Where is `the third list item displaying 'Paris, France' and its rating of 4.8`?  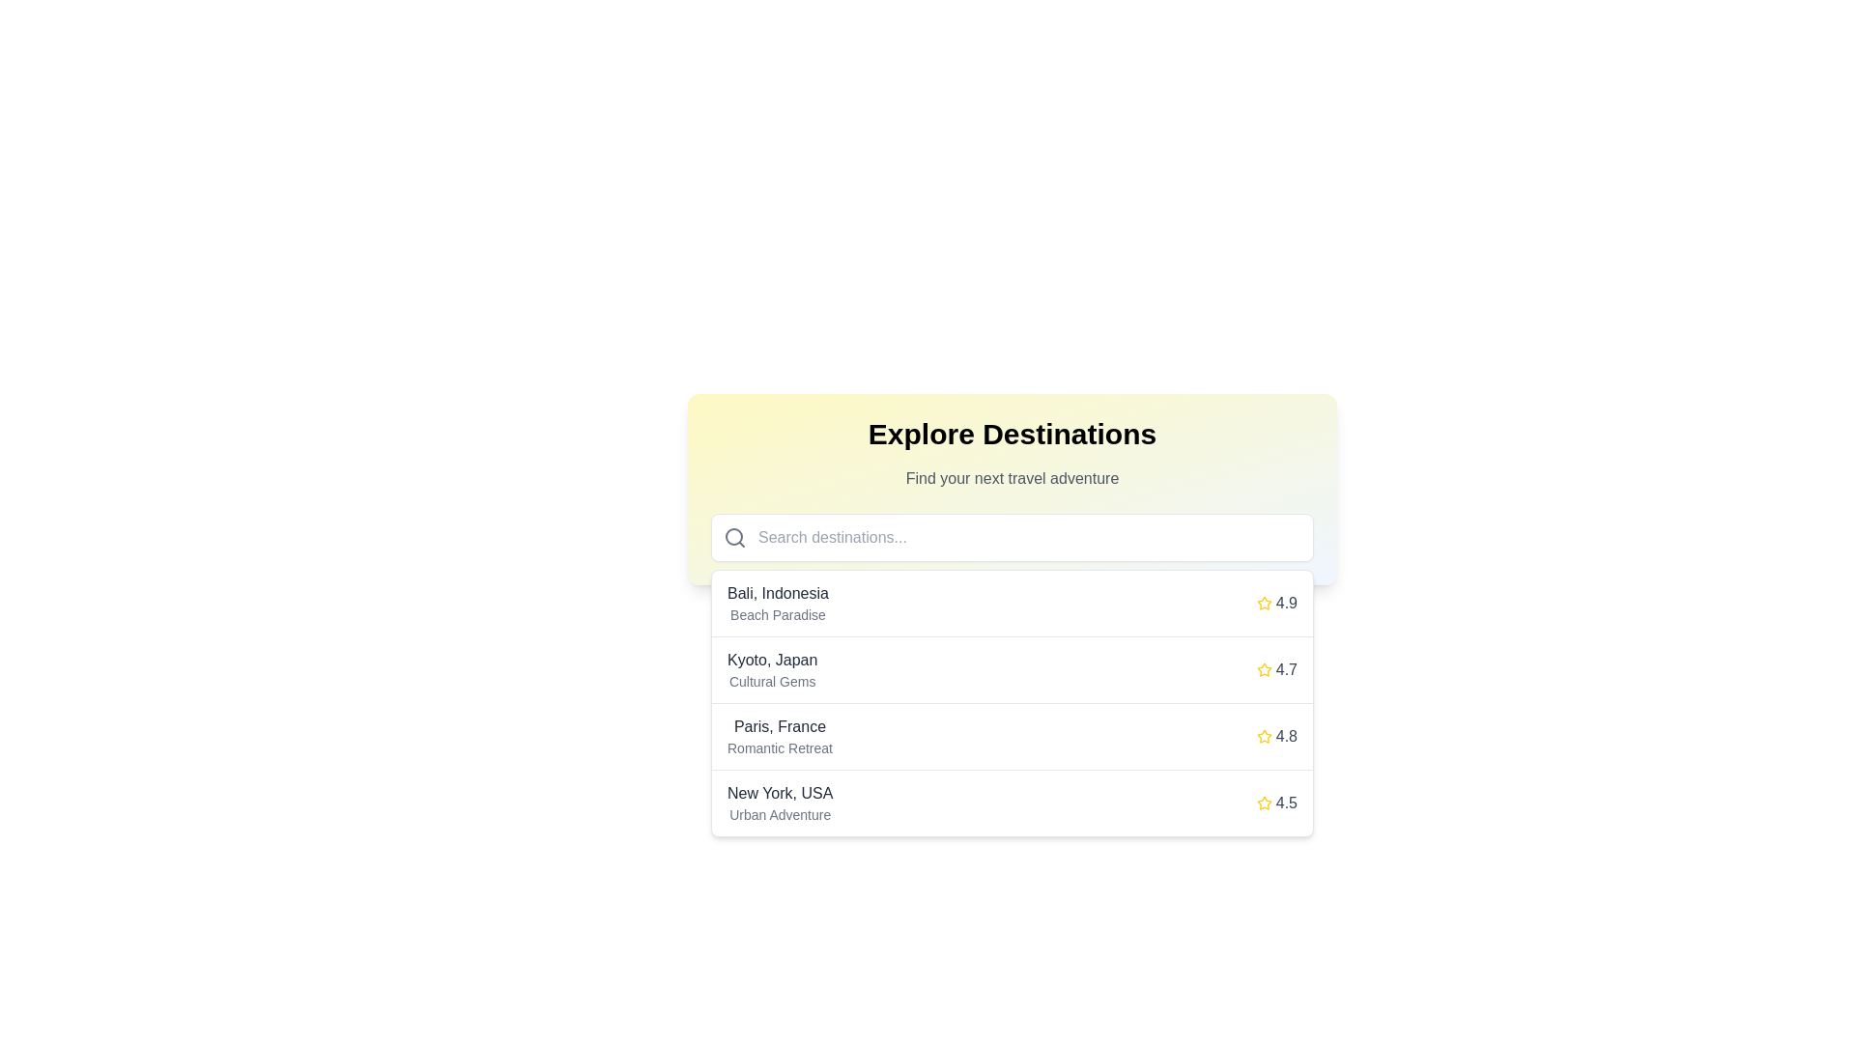 the third list item displaying 'Paris, France' and its rating of 4.8 is located at coordinates (1011, 737).